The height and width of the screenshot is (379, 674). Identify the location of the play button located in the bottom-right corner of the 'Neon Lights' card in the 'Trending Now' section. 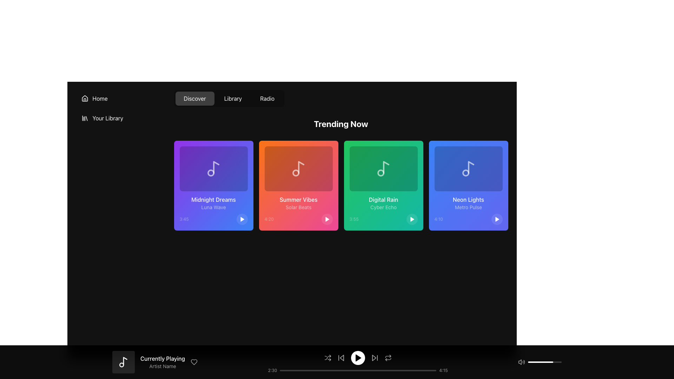
(496, 219).